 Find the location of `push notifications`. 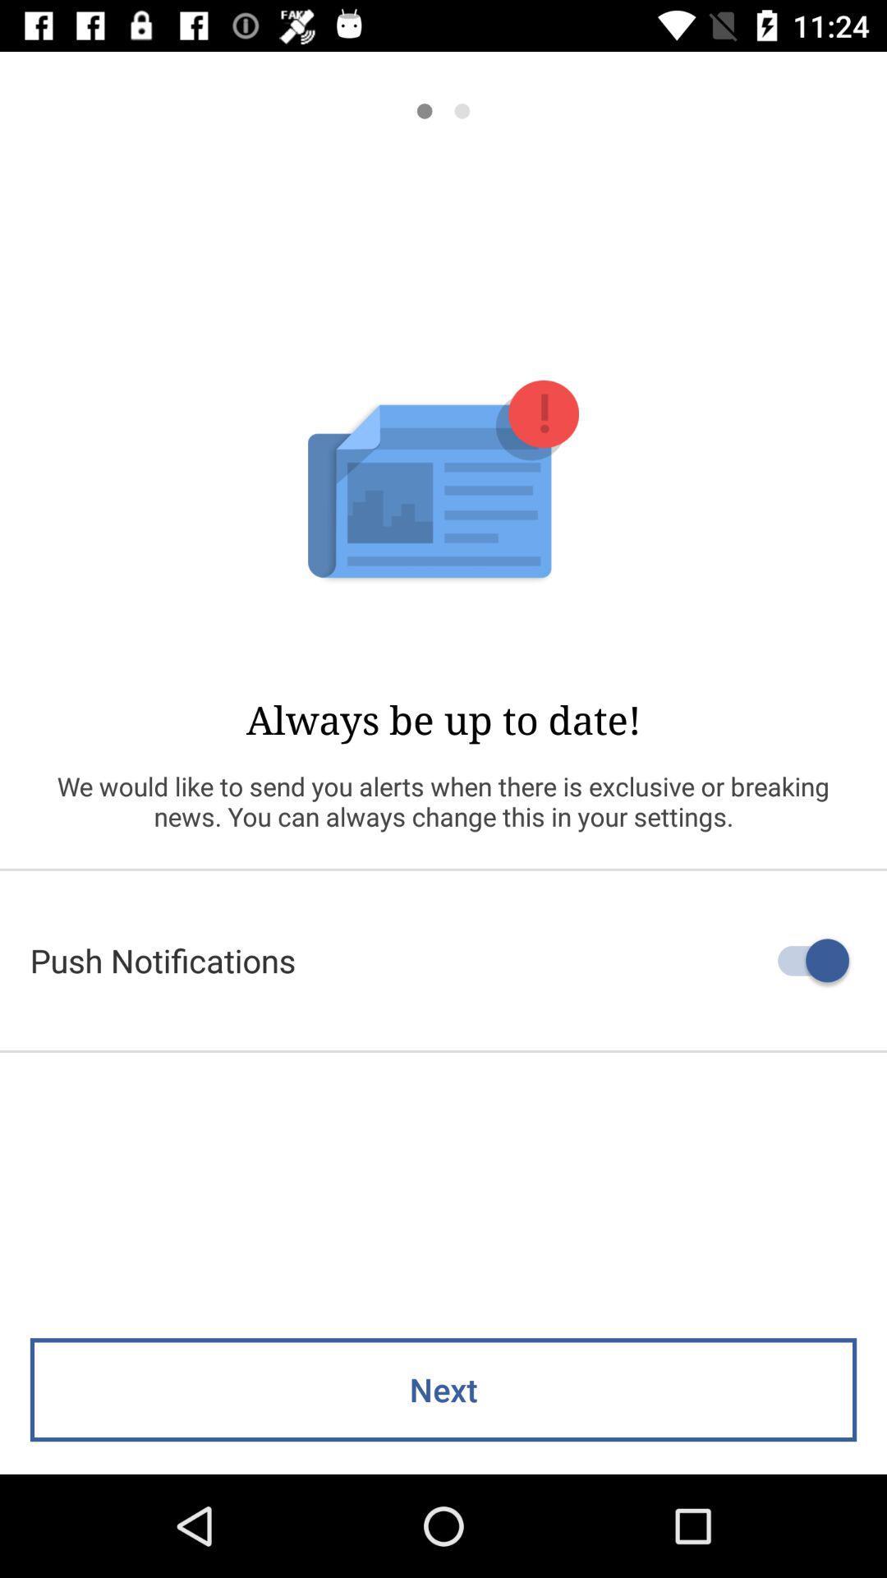

push notifications is located at coordinates (443, 960).